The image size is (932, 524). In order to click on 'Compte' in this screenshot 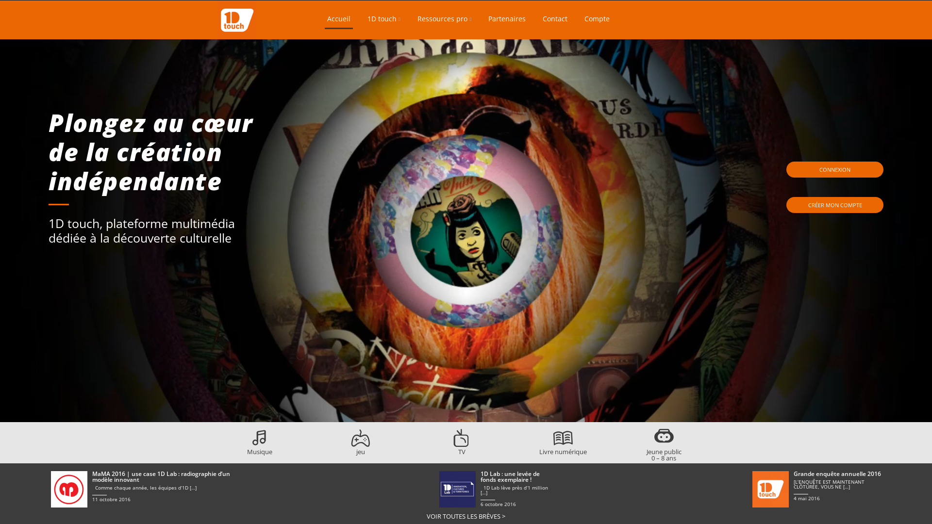, I will do `click(596, 20)`.